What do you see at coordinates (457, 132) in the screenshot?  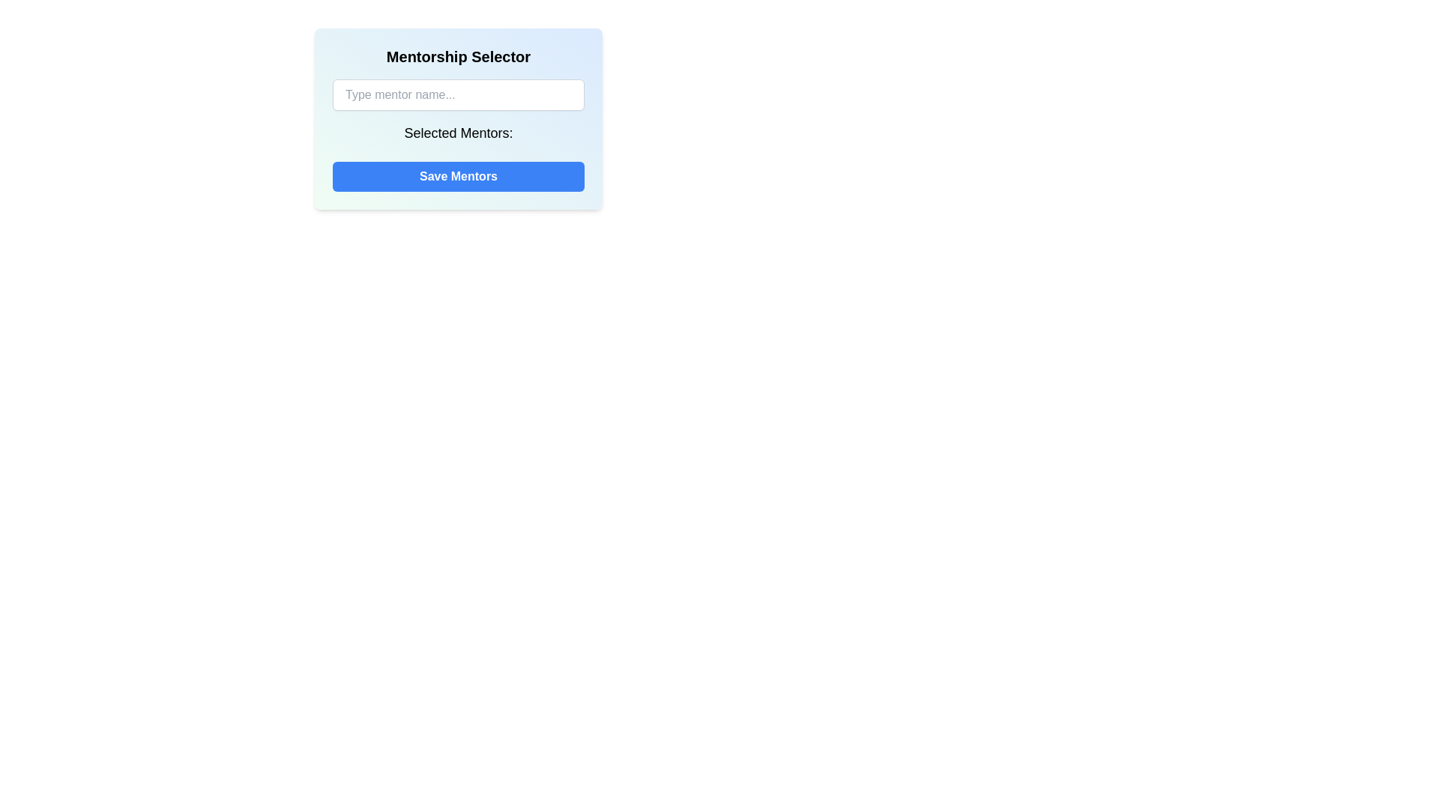 I see `the static text label that serves as a heading for the section where selected mentors will be displayed, which is positioned above the 'Save Mentors' button` at bounding box center [457, 132].